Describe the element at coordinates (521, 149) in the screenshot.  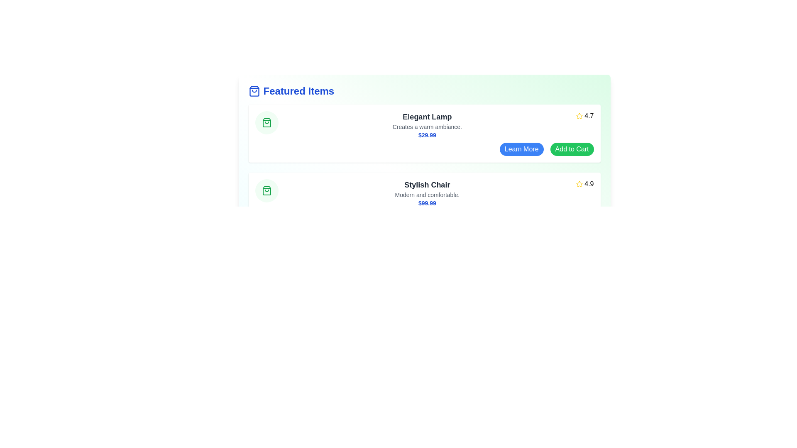
I see `the 'Learn More' button for the item identified by Elegant Lamp` at that location.